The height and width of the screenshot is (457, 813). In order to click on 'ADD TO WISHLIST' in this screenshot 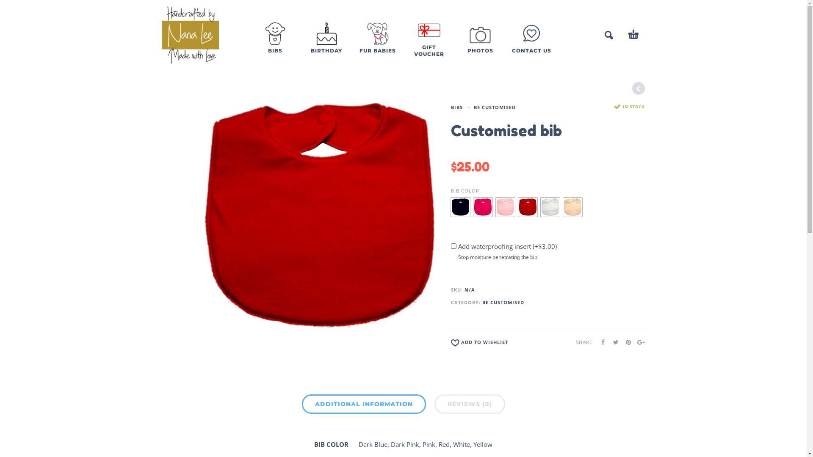, I will do `click(479, 344)`.